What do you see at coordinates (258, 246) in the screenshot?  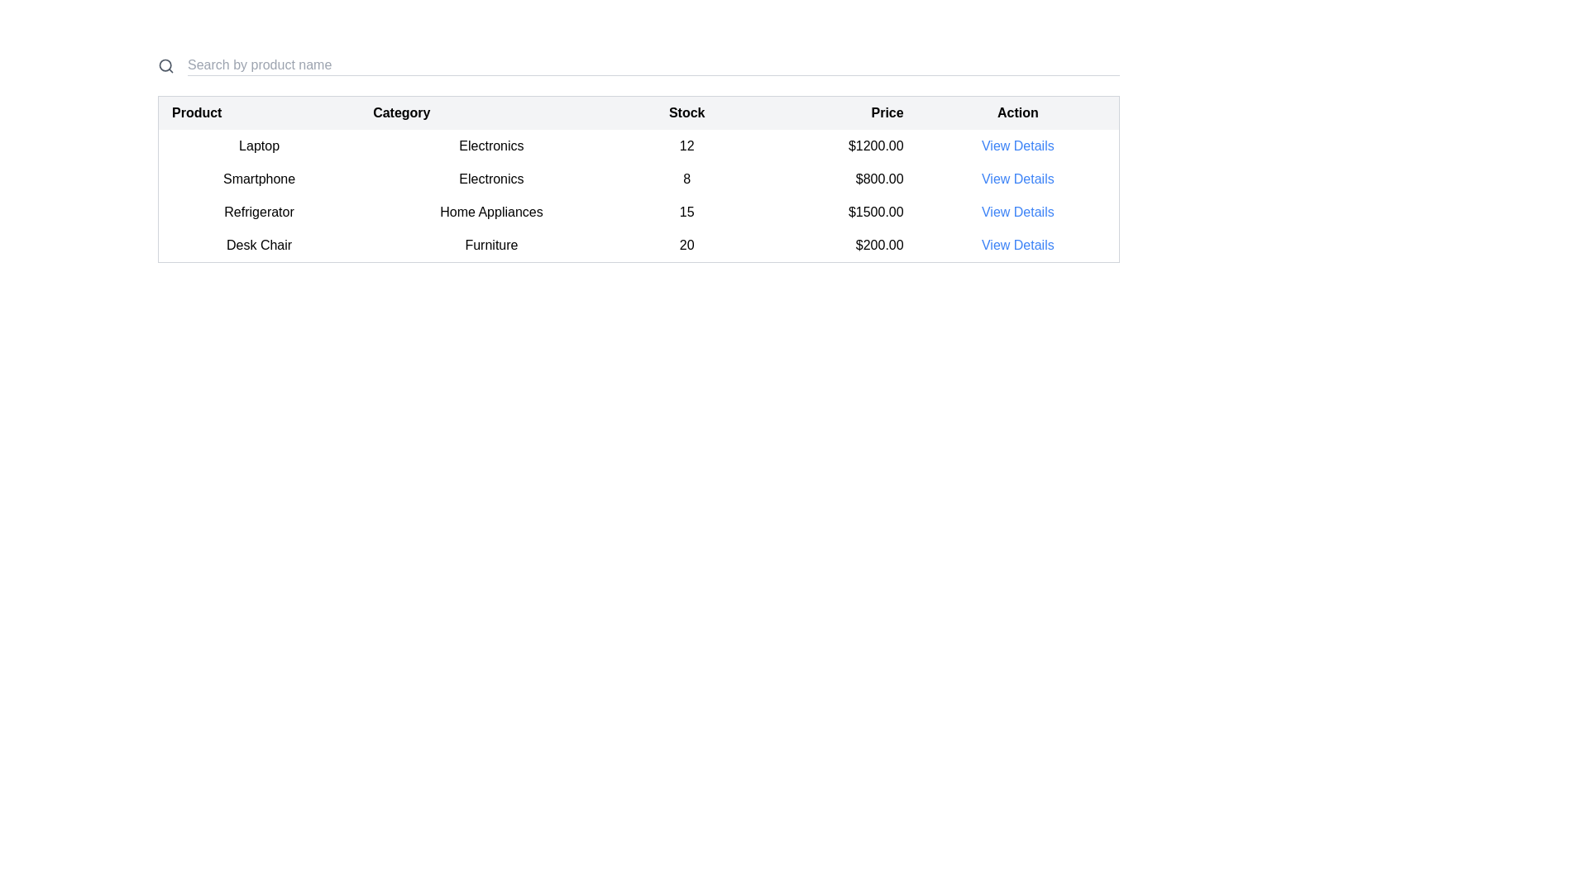 I see `the 'Desk Chair' text label in the fourth row of the product table` at bounding box center [258, 246].